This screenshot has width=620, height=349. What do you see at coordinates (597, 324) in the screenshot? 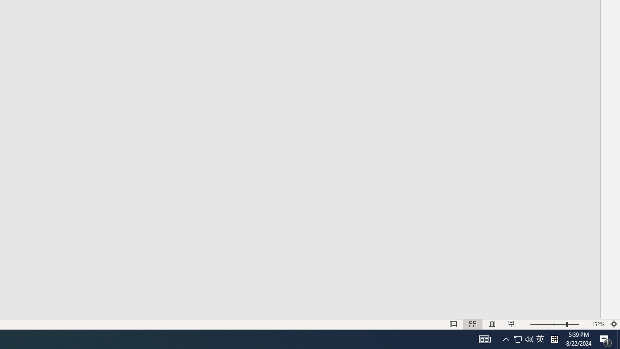
I see `'Zoom 152%'` at bounding box center [597, 324].